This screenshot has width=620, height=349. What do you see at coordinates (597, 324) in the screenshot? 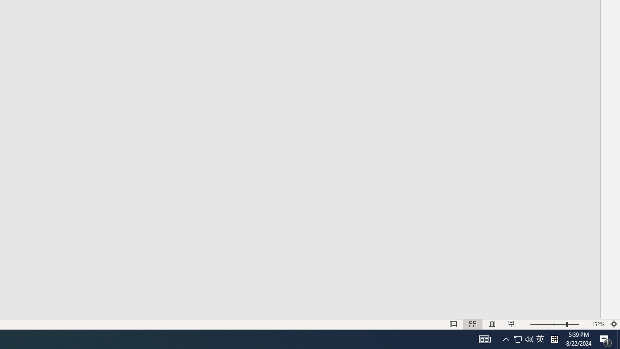
I see `'Zoom 152%'` at bounding box center [597, 324].